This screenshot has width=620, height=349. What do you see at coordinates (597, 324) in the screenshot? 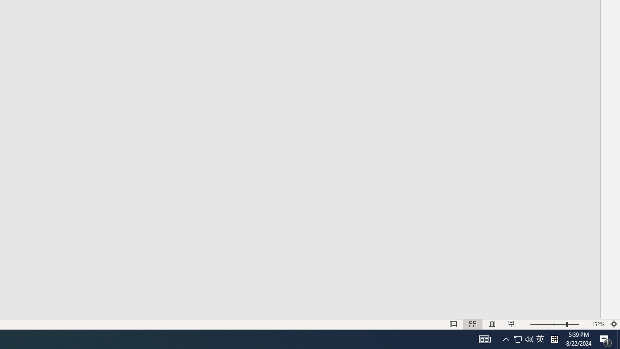
I see `'Zoom 152%'` at bounding box center [597, 324].